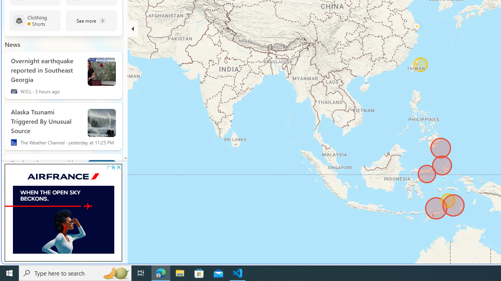 This screenshot has height=281, width=501. Describe the element at coordinates (34, 20) in the screenshot. I see `'Clothing Shorts'` at that location.